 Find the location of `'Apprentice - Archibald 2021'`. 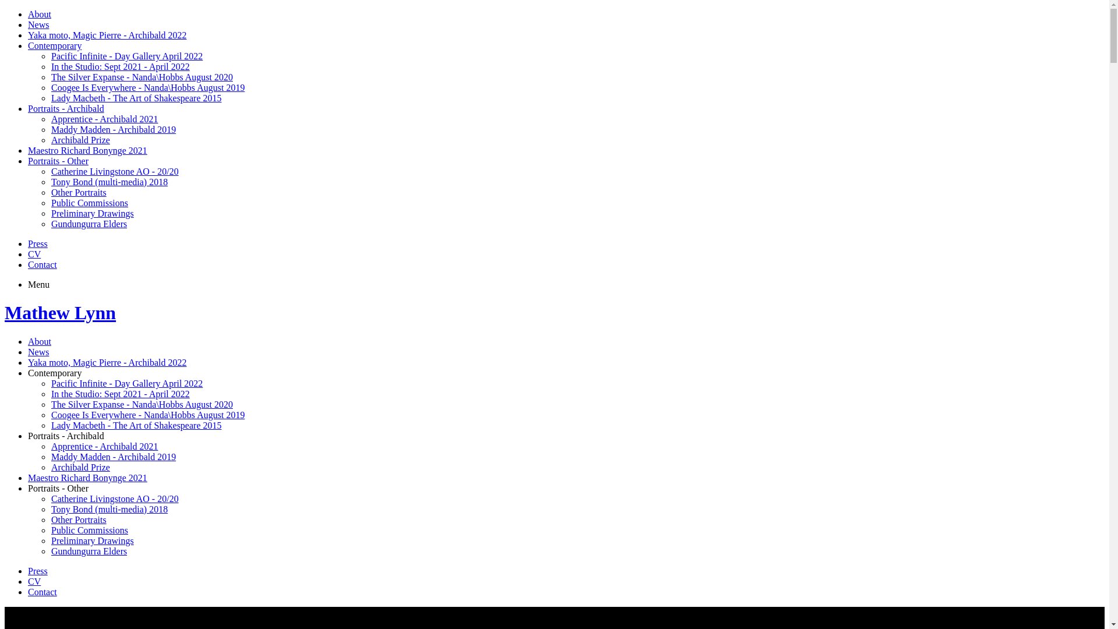

'Apprentice - Archibald 2021' is located at coordinates (50, 119).